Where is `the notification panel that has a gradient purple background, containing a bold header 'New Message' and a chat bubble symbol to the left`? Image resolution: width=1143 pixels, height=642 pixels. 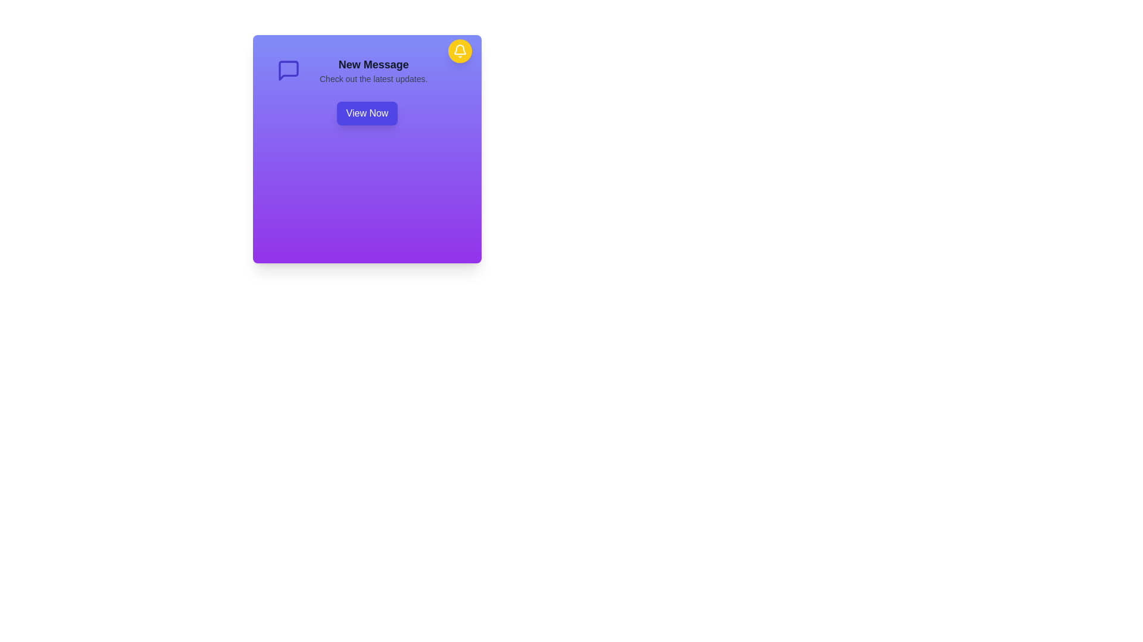 the notification panel that has a gradient purple background, containing a bold header 'New Message' and a chat bubble symbol to the left is located at coordinates (367, 71).